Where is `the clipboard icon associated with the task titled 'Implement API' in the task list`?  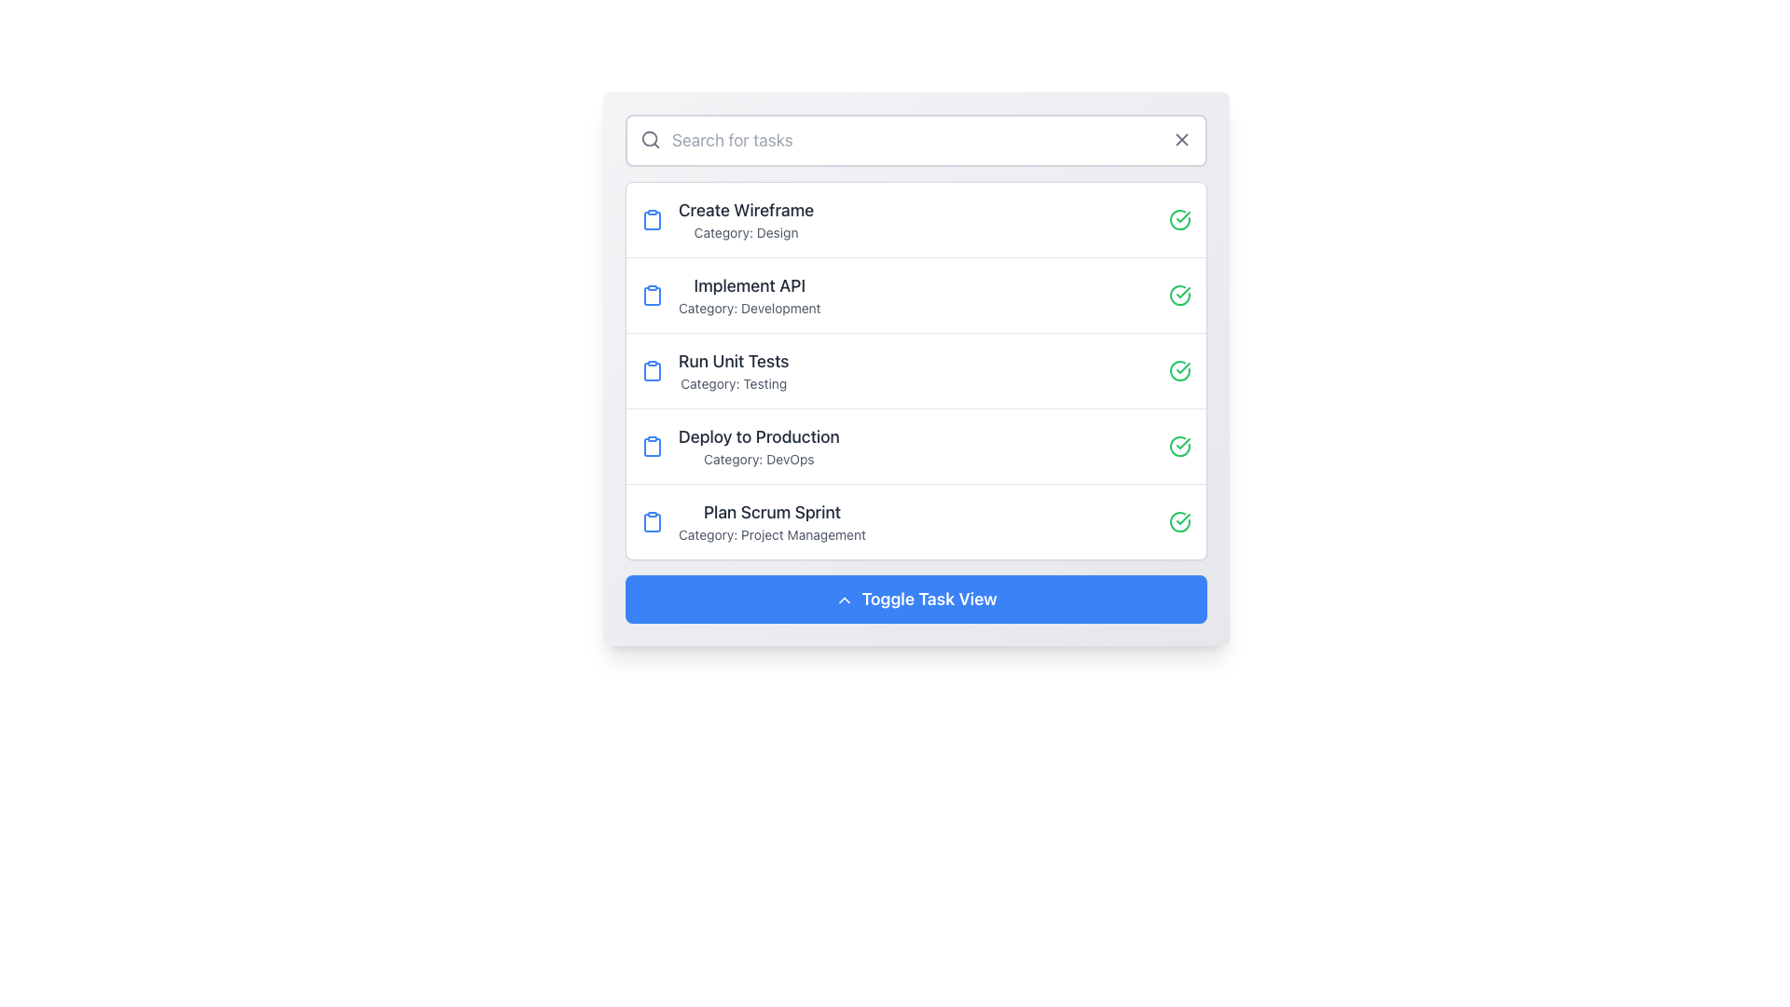
the clipboard icon associated with the task titled 'Implement API' in the task list is located at coordinates (653, 295).